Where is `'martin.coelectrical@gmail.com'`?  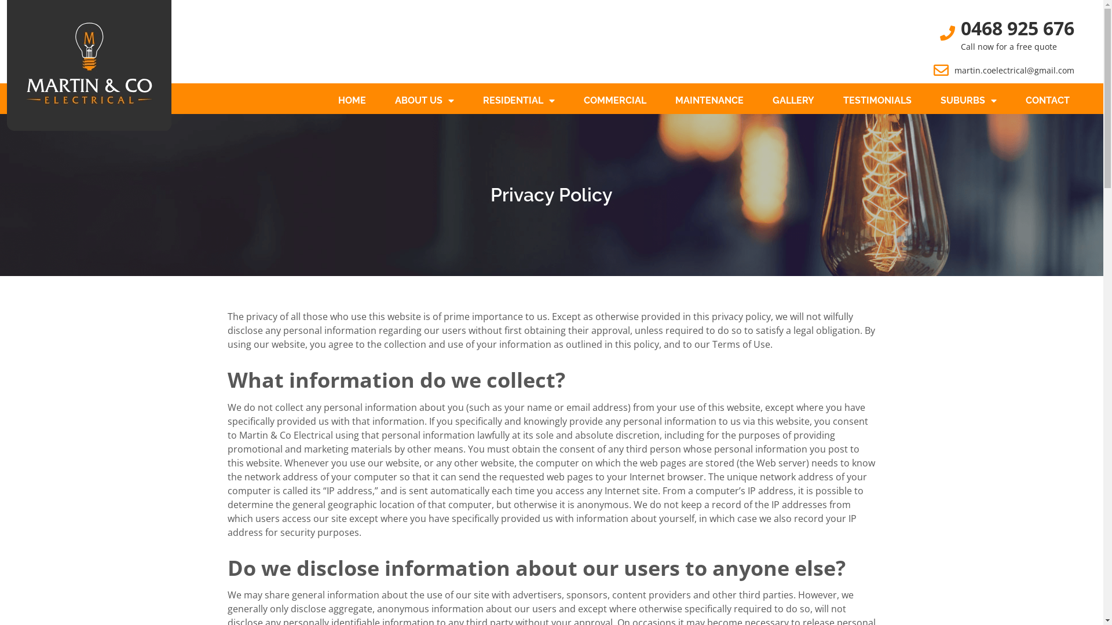 'martin.coelectrical@gmail.com' is located at coordinates (1014, 70).